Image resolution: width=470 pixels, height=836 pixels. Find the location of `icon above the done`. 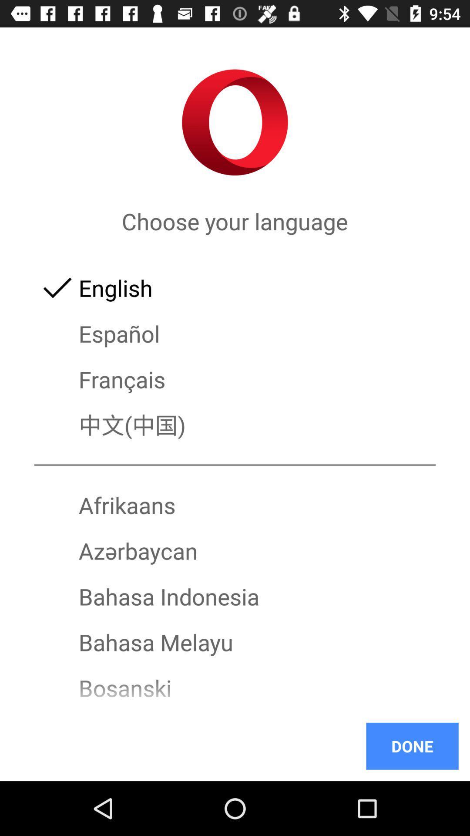

icon above the done is located at coordinates (235, 711).